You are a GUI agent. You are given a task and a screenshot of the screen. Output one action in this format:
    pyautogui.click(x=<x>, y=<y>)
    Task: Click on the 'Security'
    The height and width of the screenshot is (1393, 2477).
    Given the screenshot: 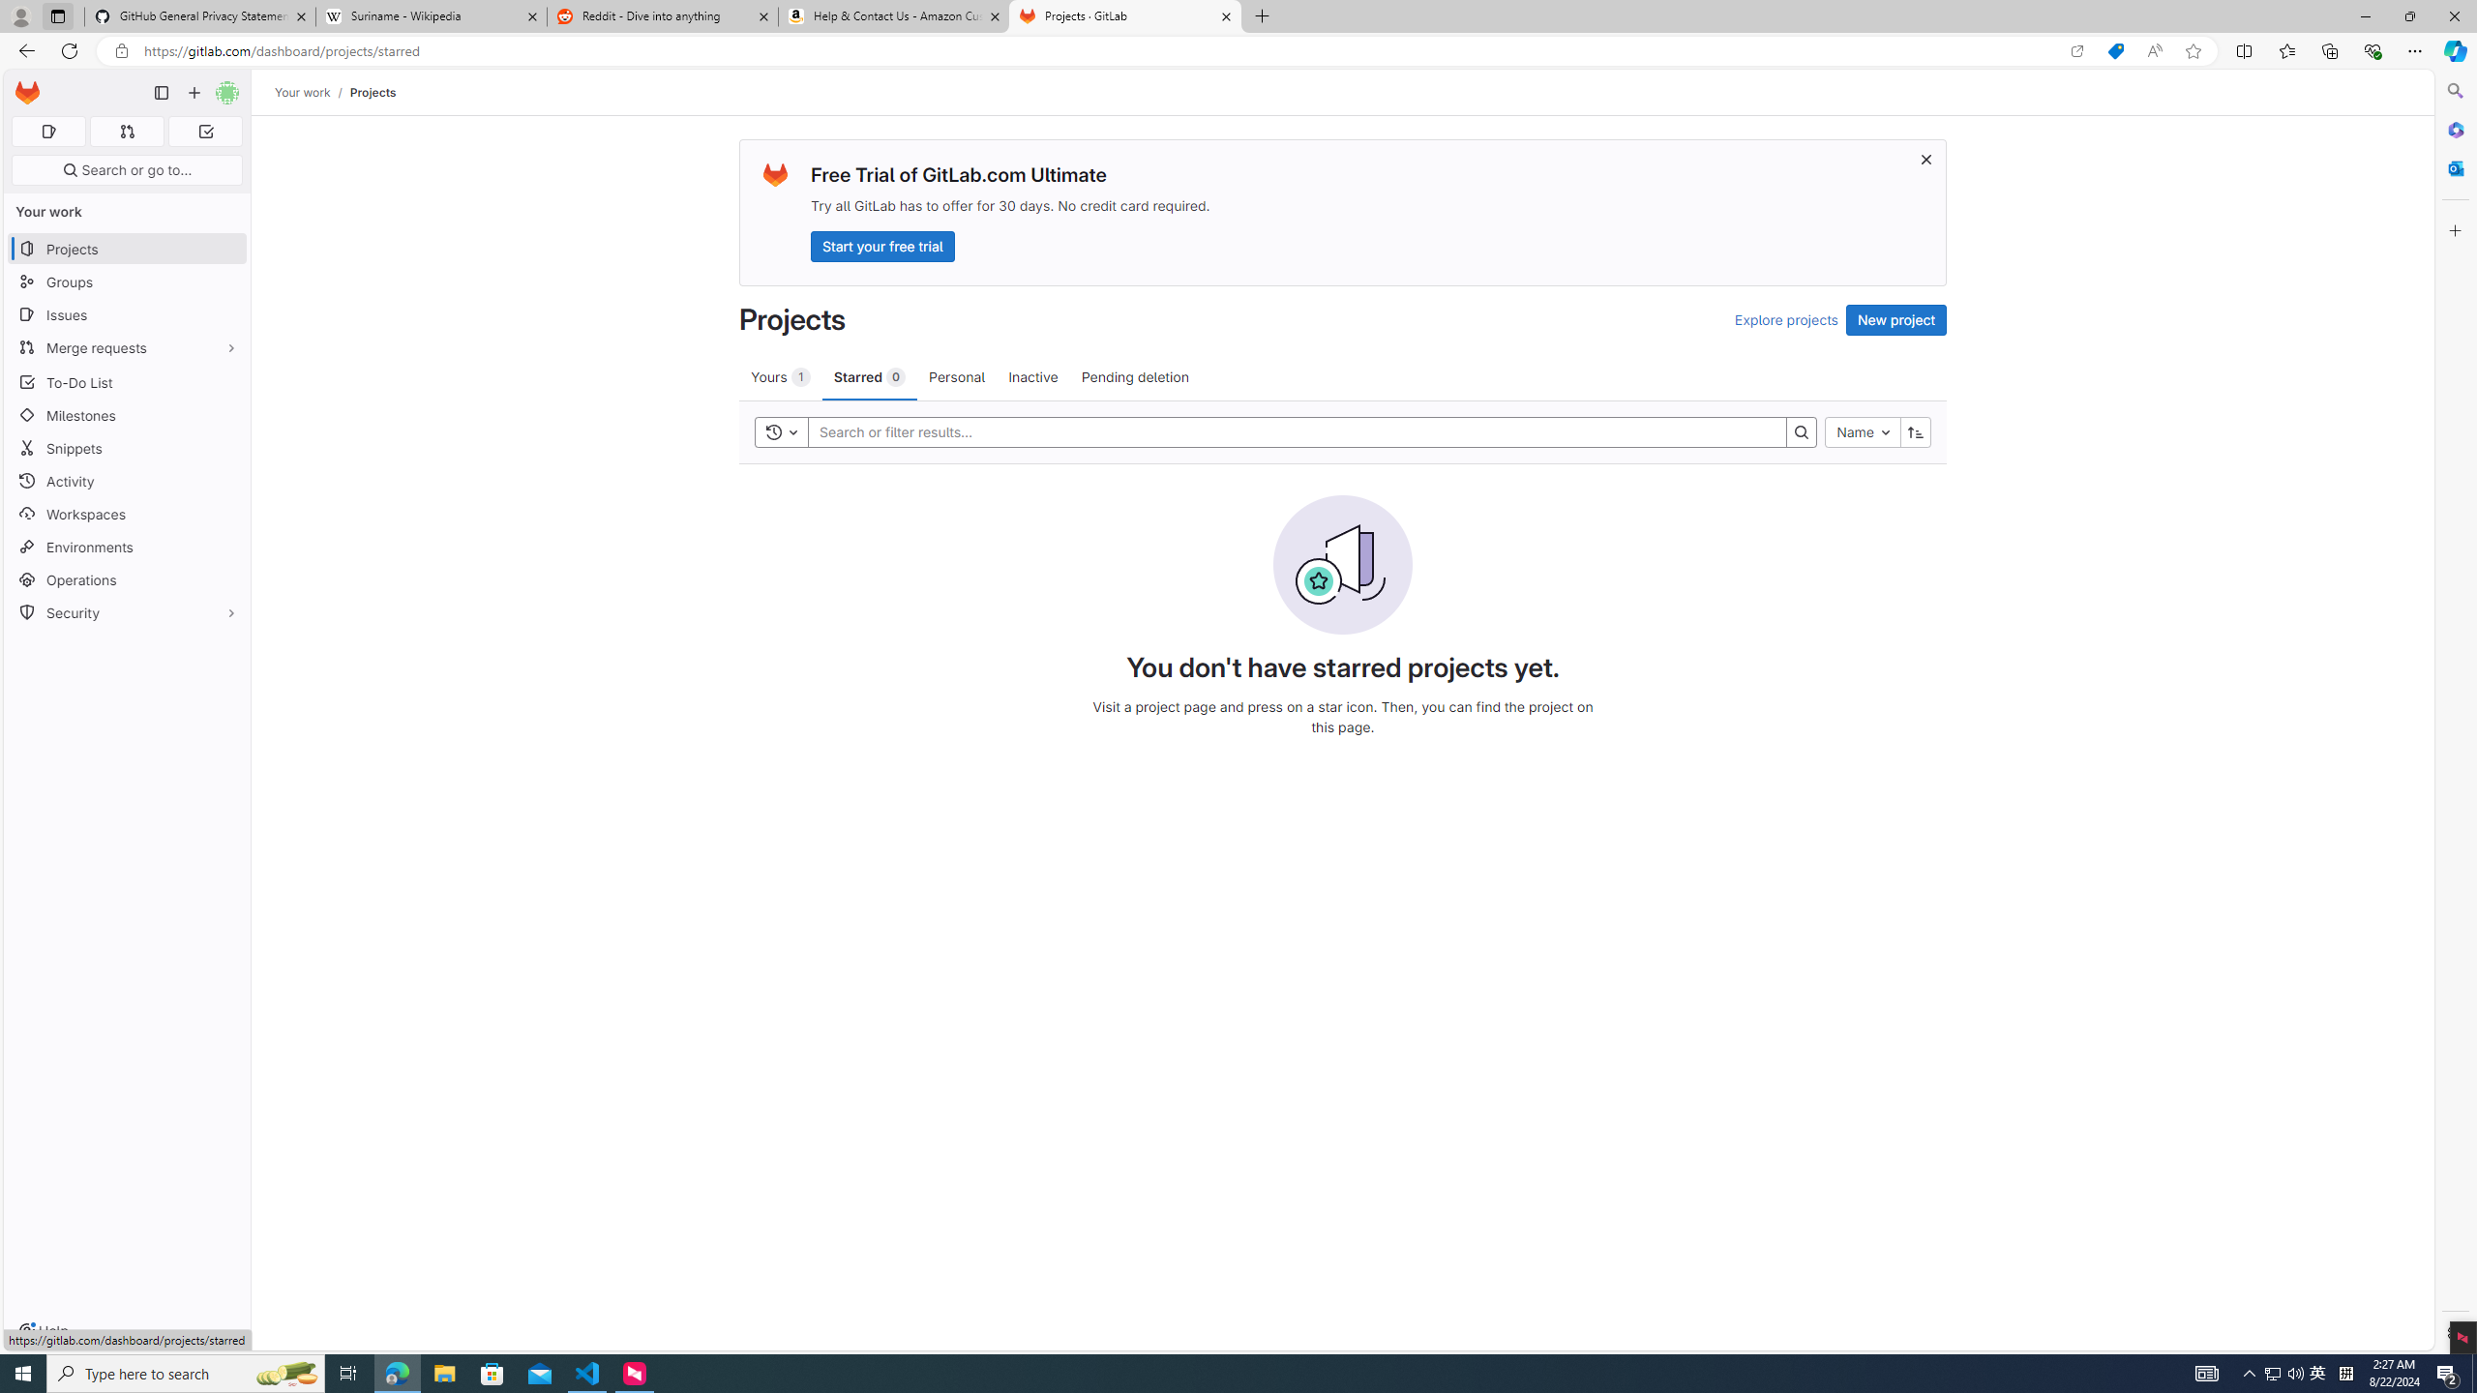 What is the action you would take?
    pyautogui.click(x=126, y=610)
    